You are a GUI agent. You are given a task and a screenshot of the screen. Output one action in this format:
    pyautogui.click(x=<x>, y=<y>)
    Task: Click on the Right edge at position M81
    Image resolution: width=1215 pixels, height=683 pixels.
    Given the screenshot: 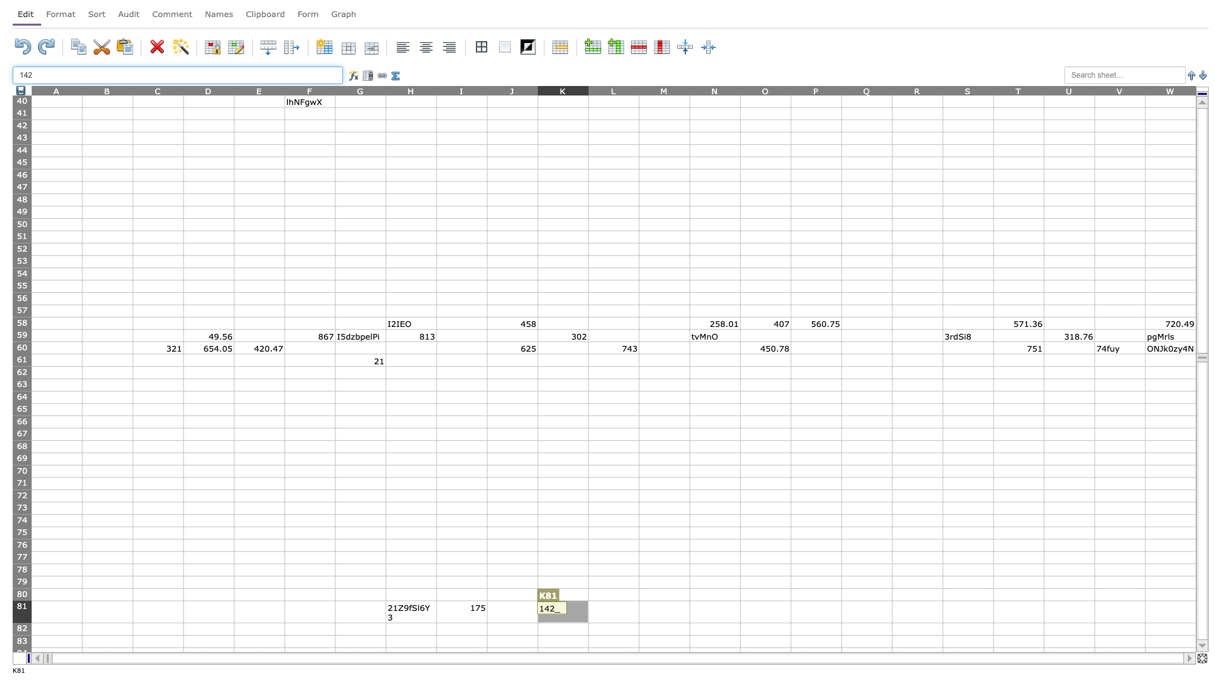 What is the action you would take?
    pyautogui.click(x=688, y=611)
    